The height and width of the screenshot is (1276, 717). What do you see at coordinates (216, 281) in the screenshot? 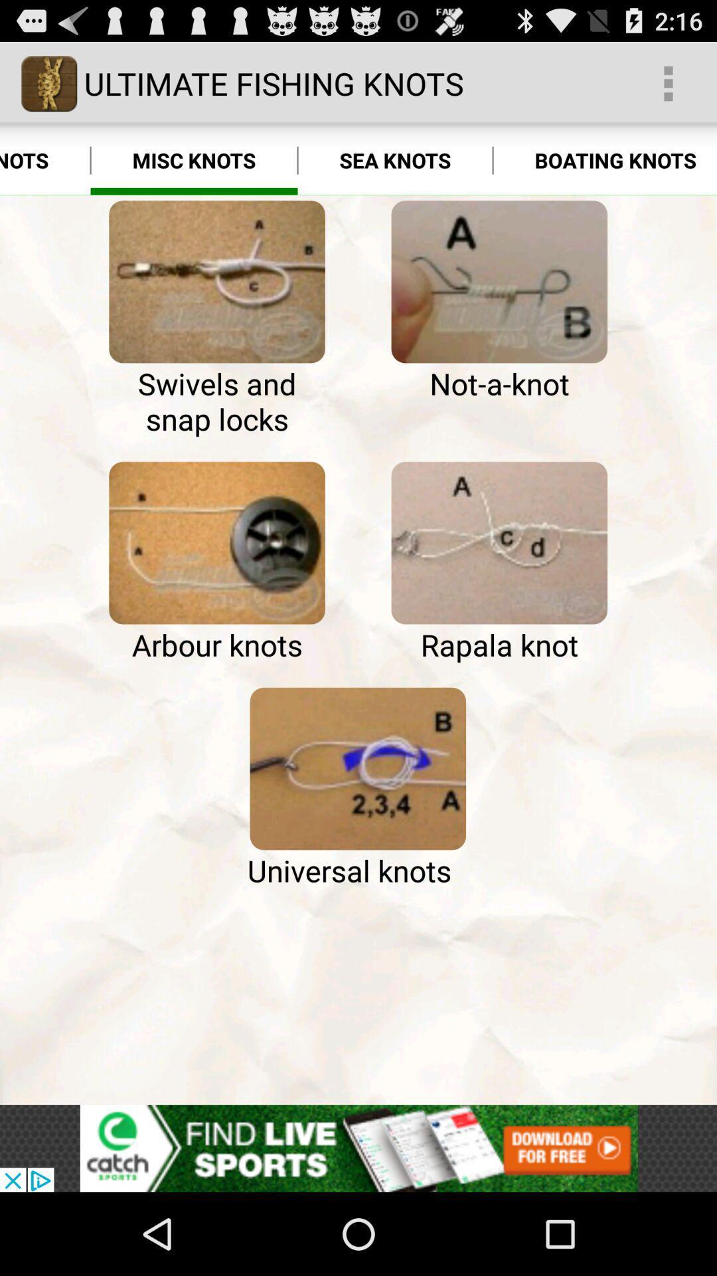
I see `see how to tie that knot` at bounding box center [216, 281].